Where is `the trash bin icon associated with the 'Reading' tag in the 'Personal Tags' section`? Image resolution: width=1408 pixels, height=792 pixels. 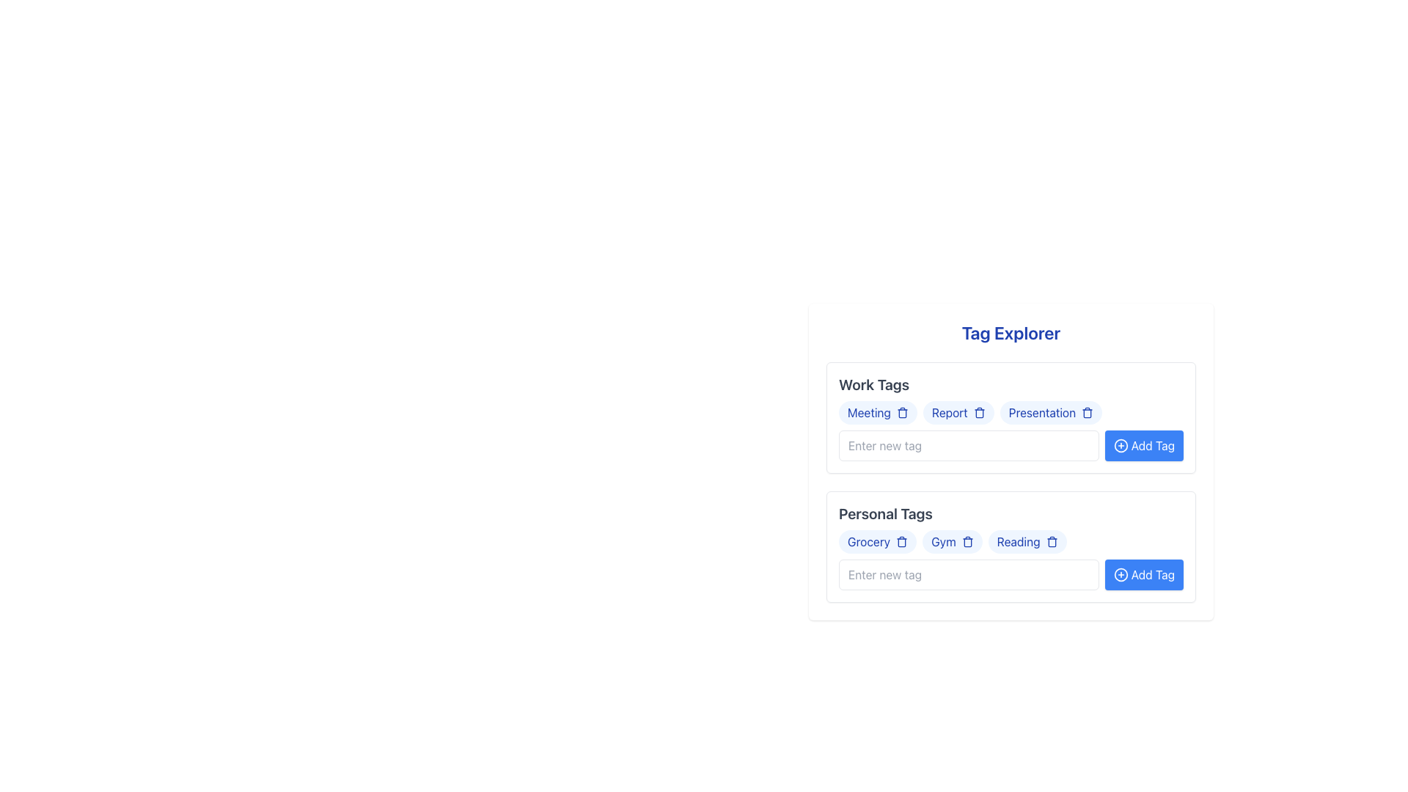 the trash bin icon associated with the 'Reading' tag in the 'Personal Tags' section is located at coordinates (1027, 542).